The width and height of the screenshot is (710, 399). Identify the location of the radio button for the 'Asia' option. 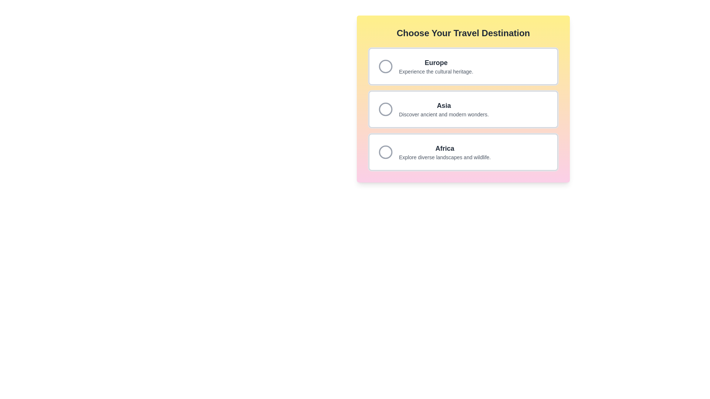
(385, 109).